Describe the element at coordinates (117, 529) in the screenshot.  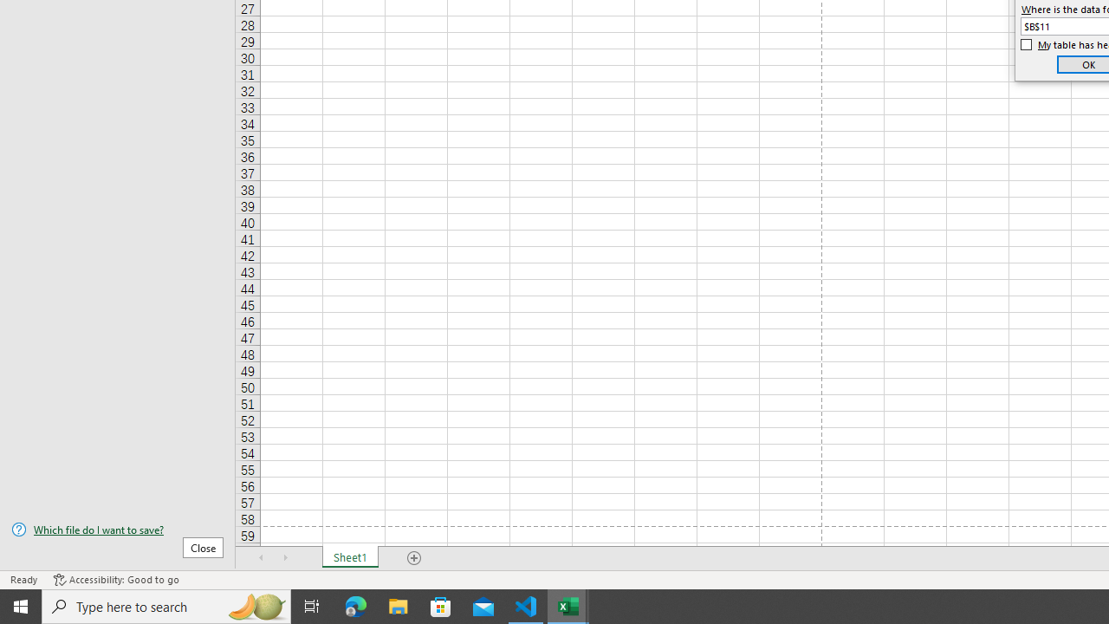
I see `'Which file do I want to save?'` at that location.